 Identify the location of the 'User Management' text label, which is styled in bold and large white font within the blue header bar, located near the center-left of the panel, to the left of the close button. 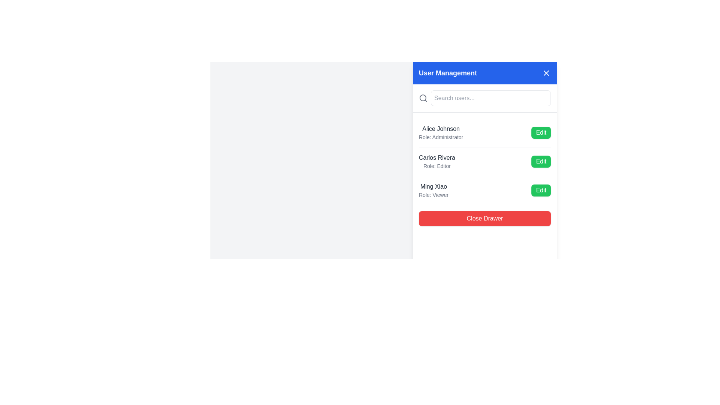
(448, 73).